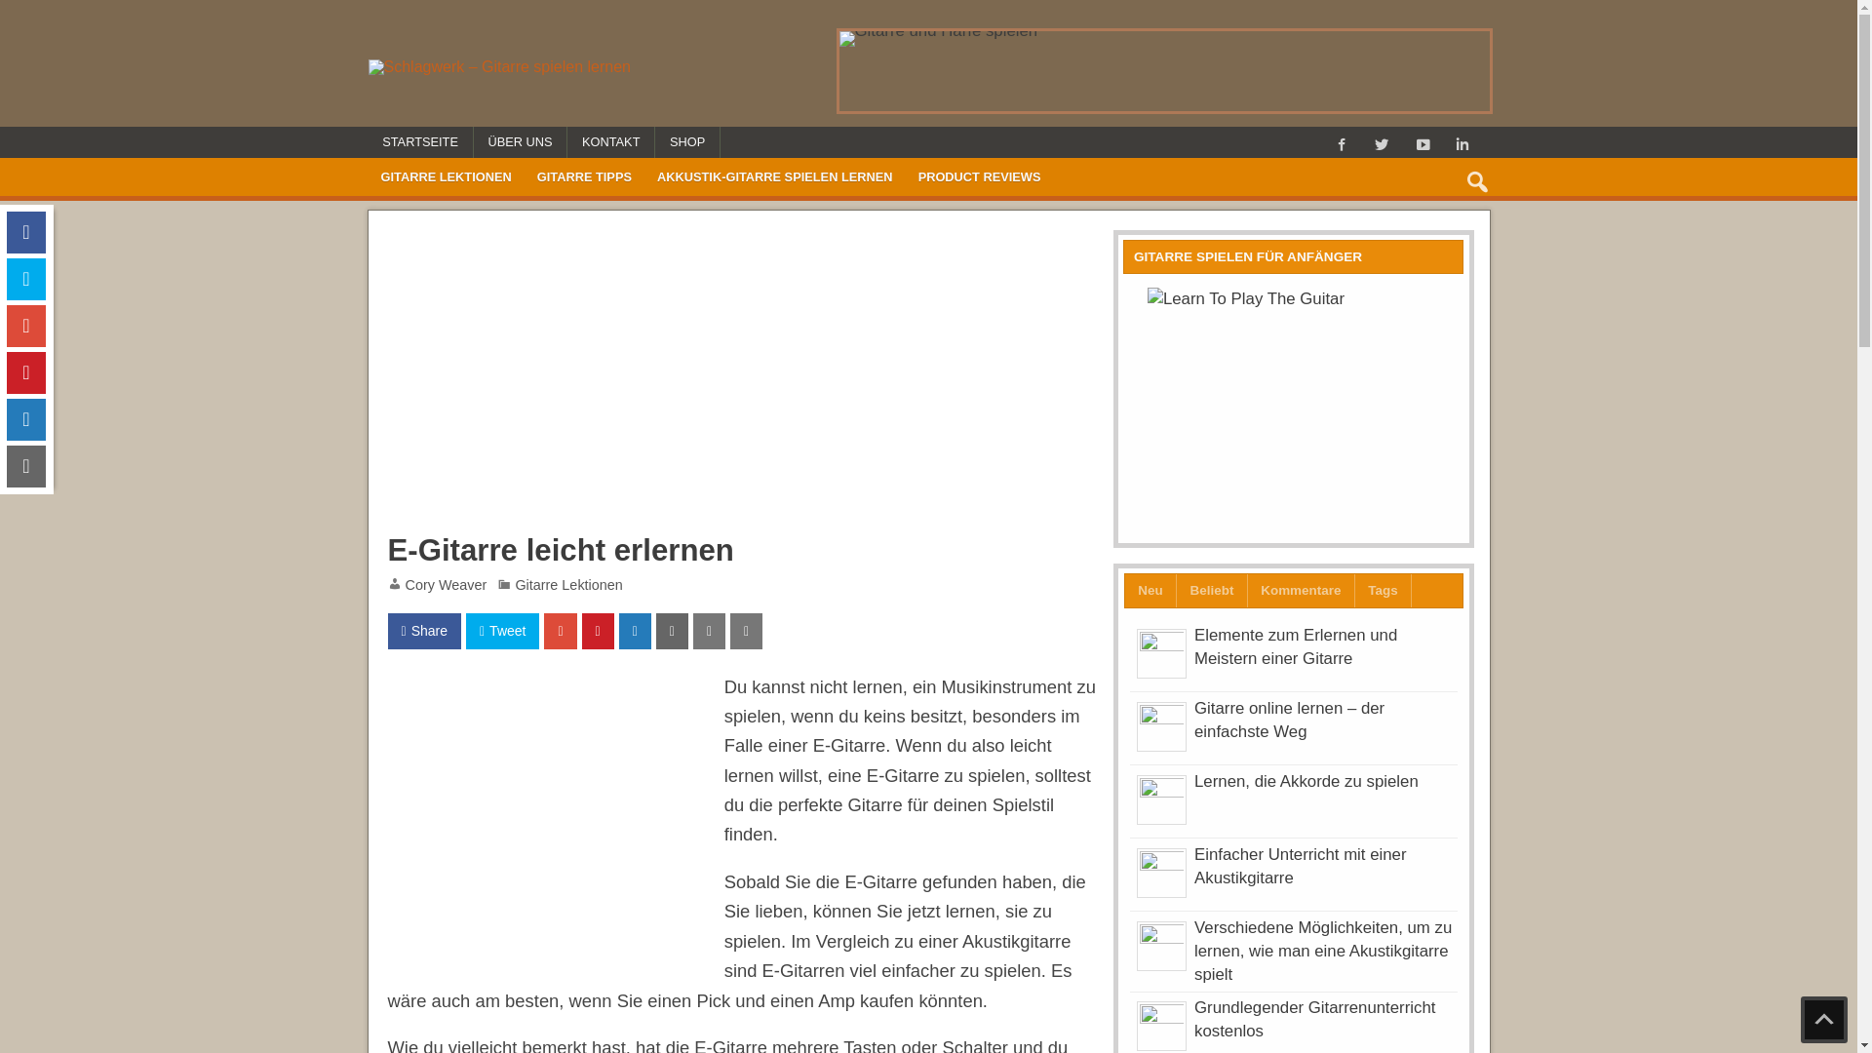 Image resolution: width=1872 pixels, height=1053 pixels. I want to click on 'Learn To Play The Guitar', so click(1293, 409).